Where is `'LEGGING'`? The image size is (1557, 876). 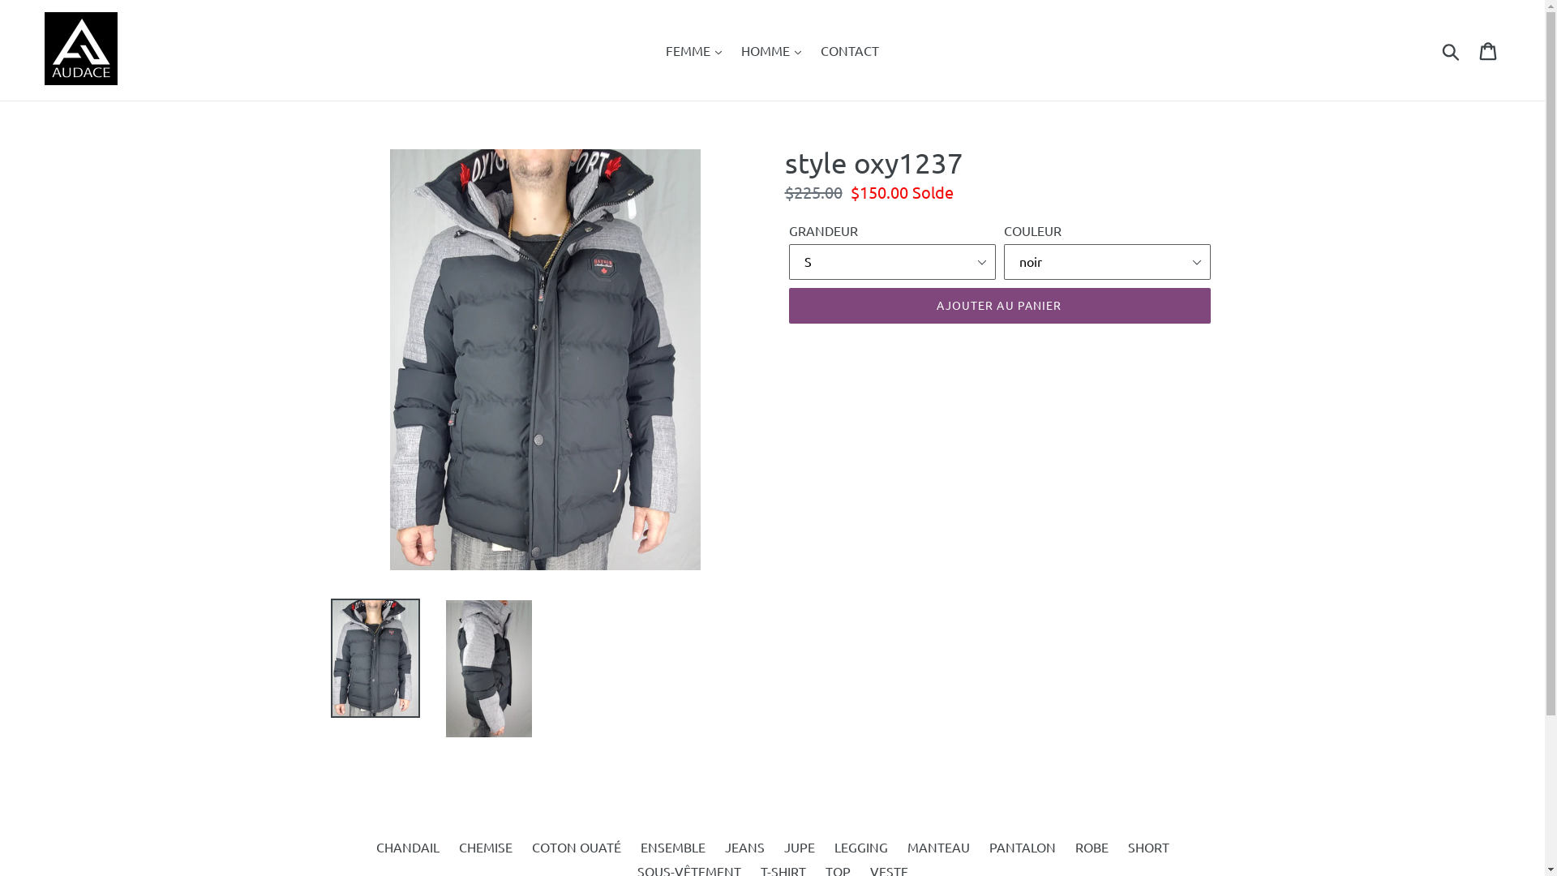 'LEGGING' is located at coordinates (859, 846).